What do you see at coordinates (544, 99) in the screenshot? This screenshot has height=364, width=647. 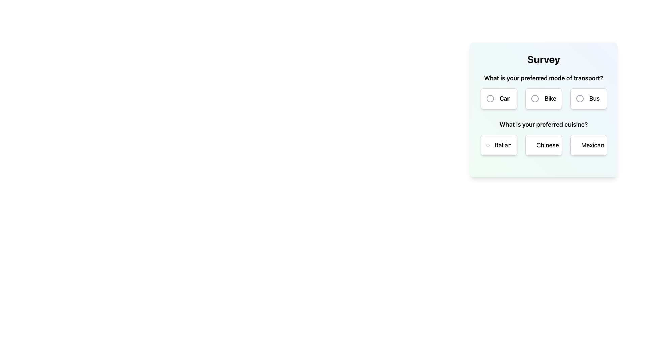 I see `the 'Bike' selection button, which is styled as a card with rounded edges and is the middle item in a horizontal set of three options` at bounding box center [544, 99].